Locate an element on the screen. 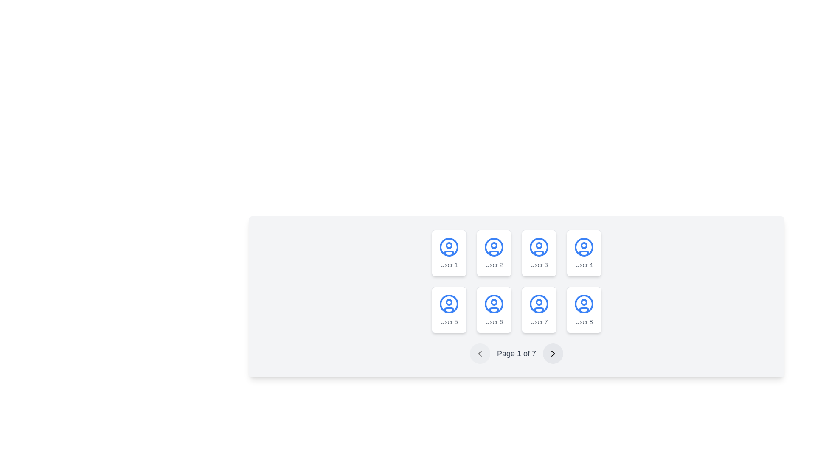  the SVG Circle component representing the face of 'User 6' within the user avatar graphic, located in the second row, third column of the grid is located at coordinates (494, 302).